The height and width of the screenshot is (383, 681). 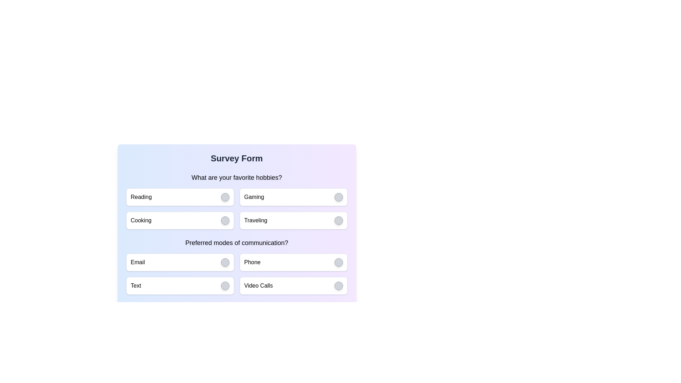 I want to click on title text element displaying 'What are your favorite hobbies?' located above the options for hobbies in the survey form, so click(x=237, y=177).